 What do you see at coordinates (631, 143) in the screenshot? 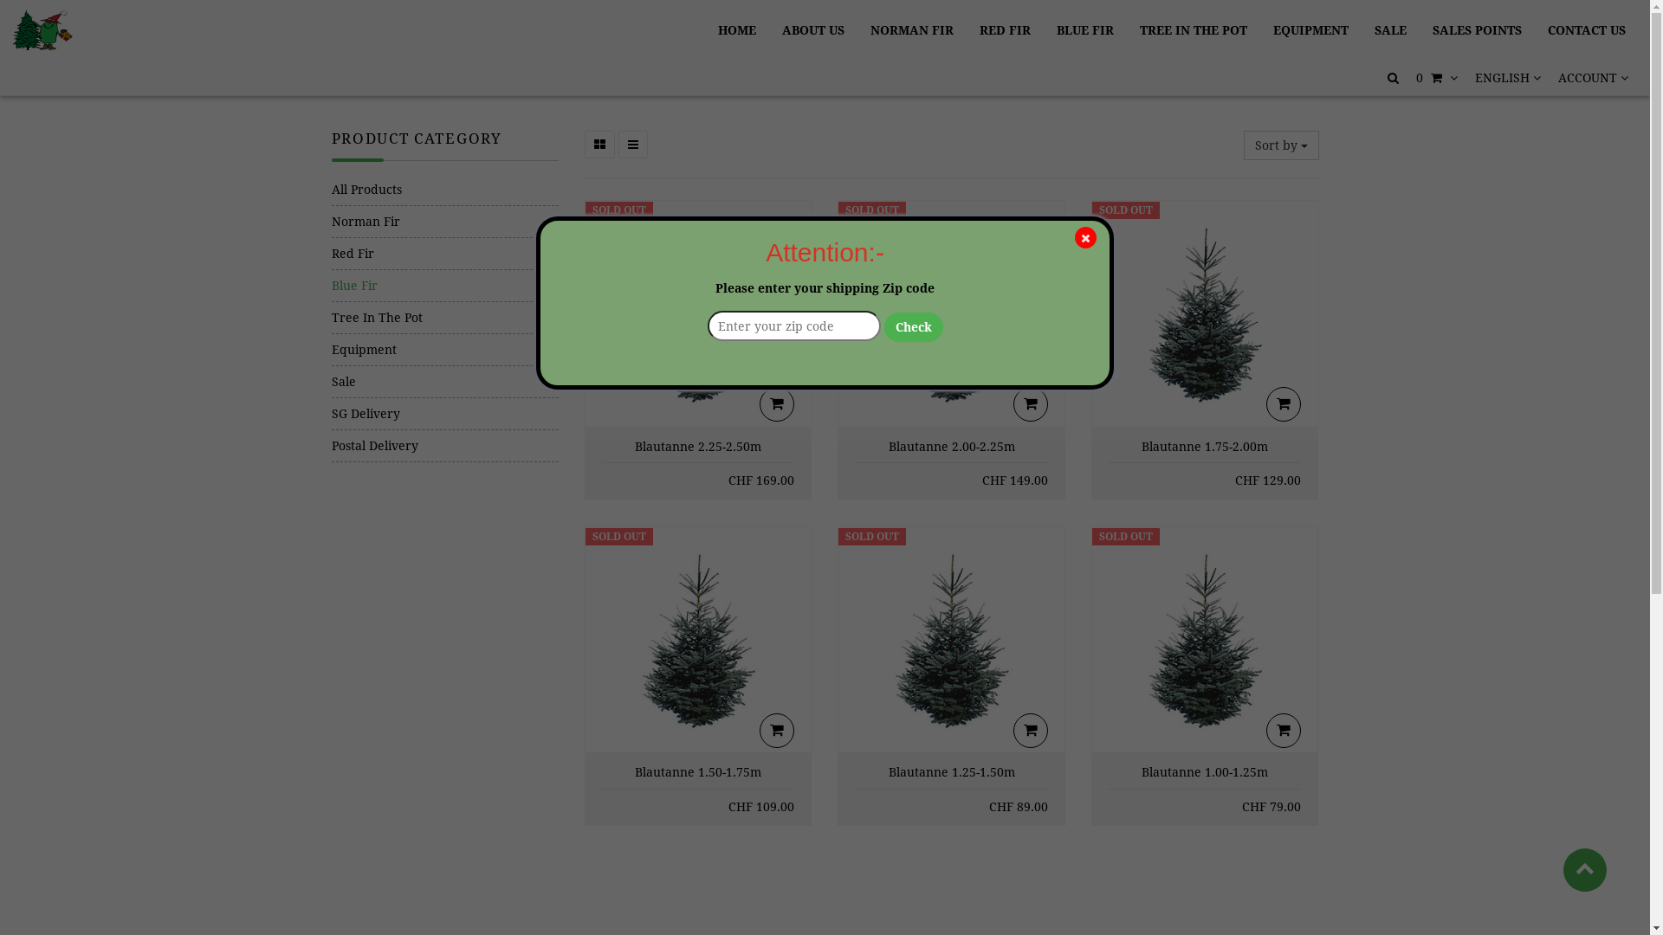
I see `'List View'` at bounding box center [631, 143].